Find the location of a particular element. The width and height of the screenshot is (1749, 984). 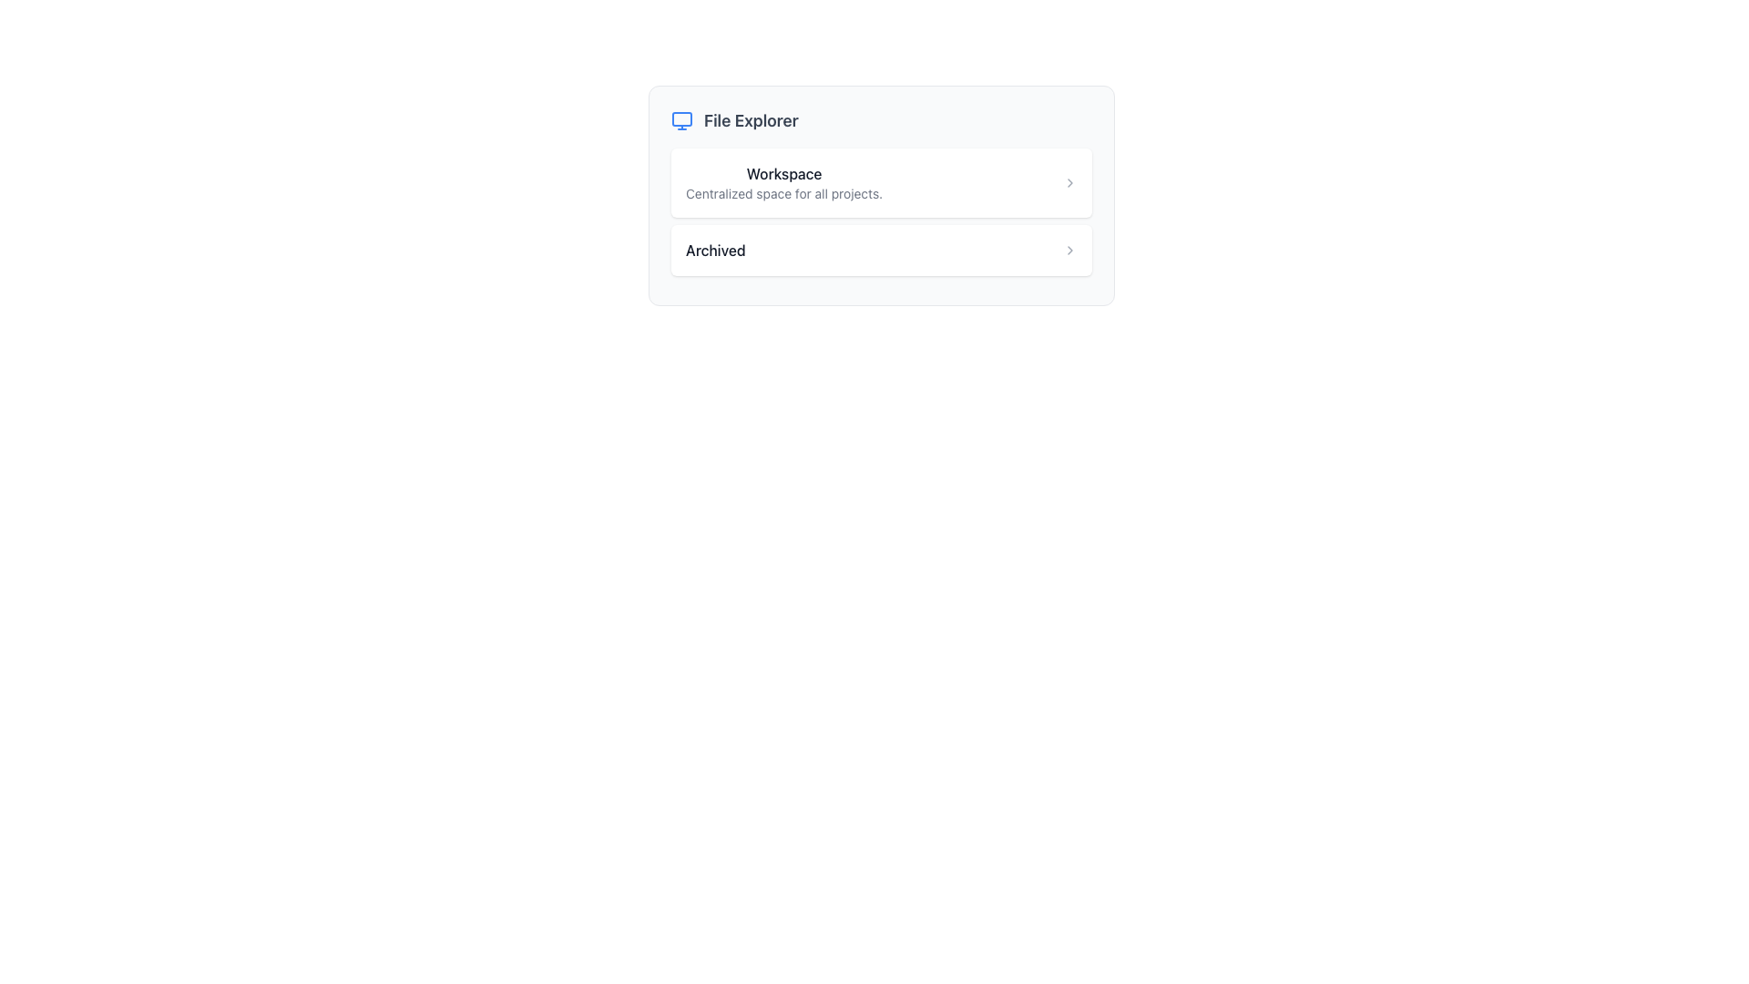

the first card in the vertical list of the 'File Explorer' is located at coordinates (882, 182).